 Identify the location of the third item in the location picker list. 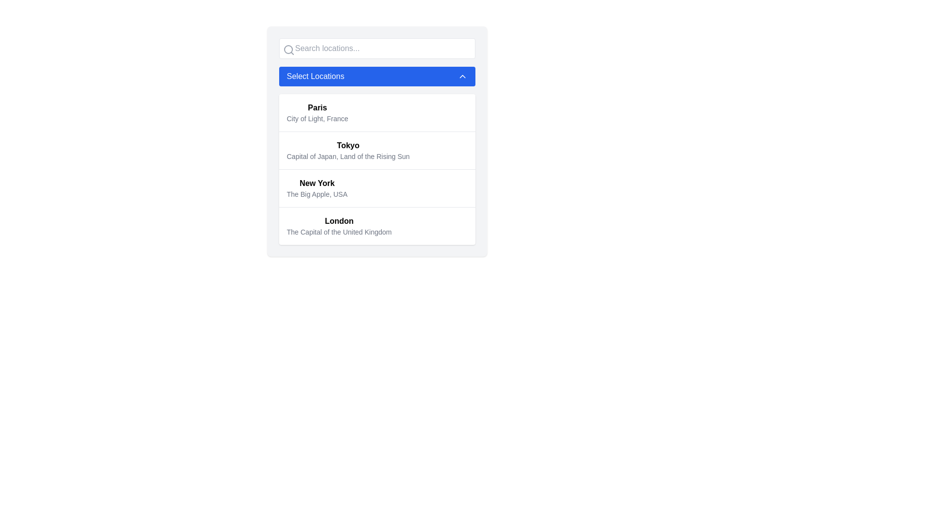
(317, 188).